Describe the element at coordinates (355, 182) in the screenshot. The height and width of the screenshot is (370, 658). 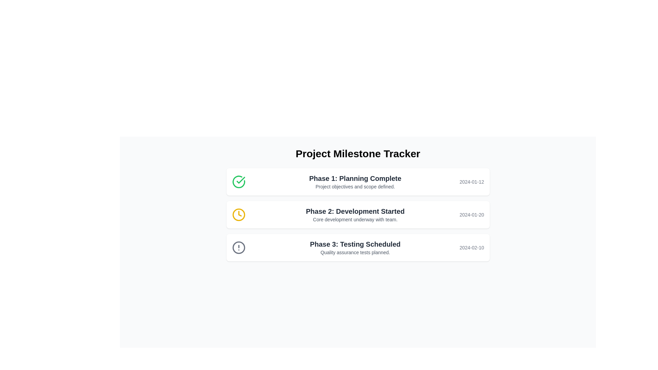
I see `the text block titled 'Phase 1: Planning Complete' with descriptive text 'Project objectives and scope defined.' located in the first milestone box` at that location.